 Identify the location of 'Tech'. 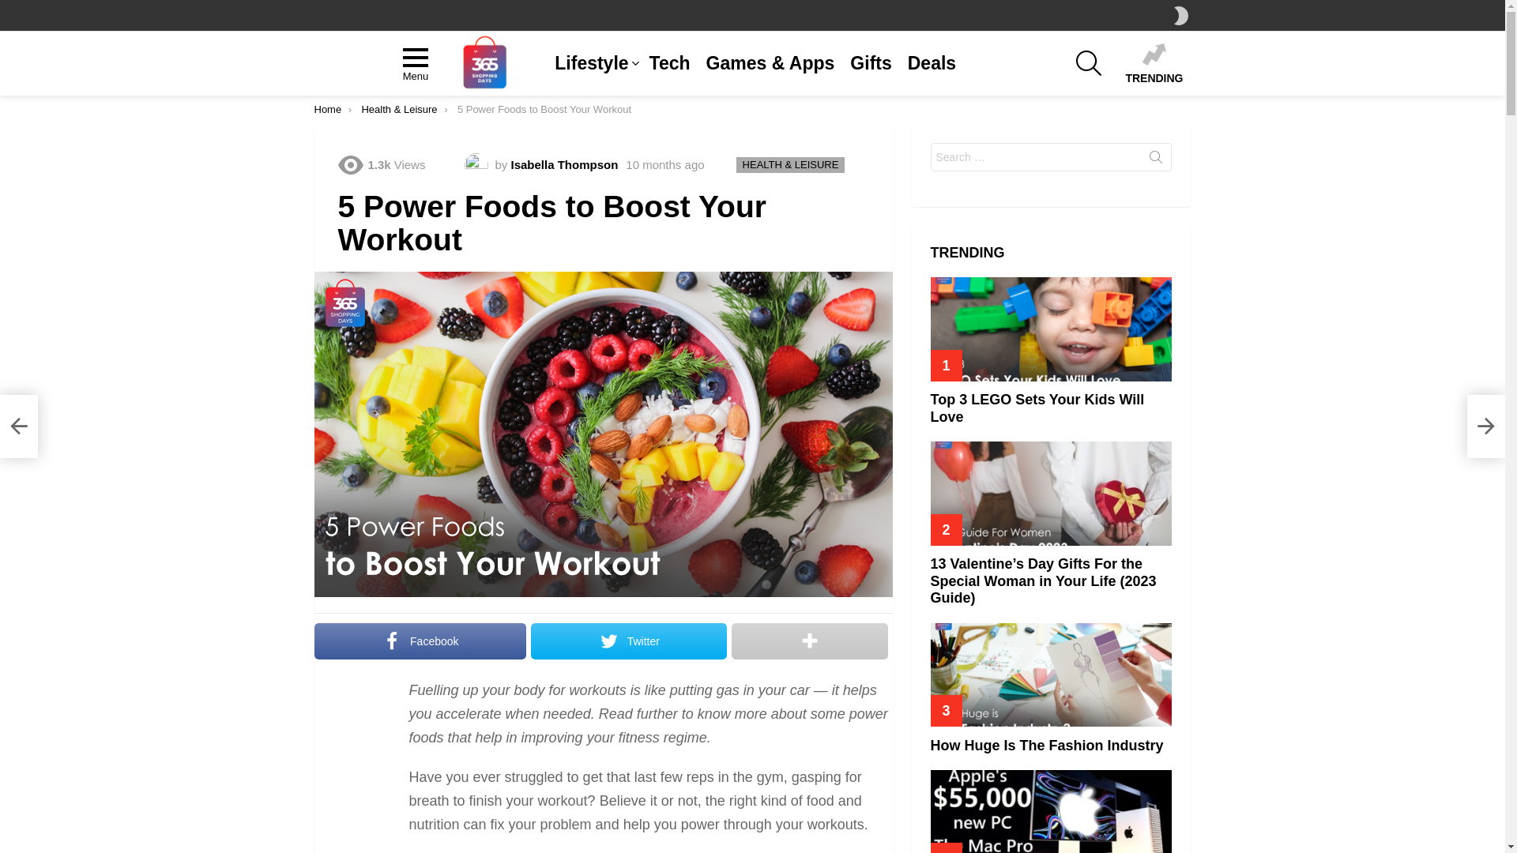
(670, 62).